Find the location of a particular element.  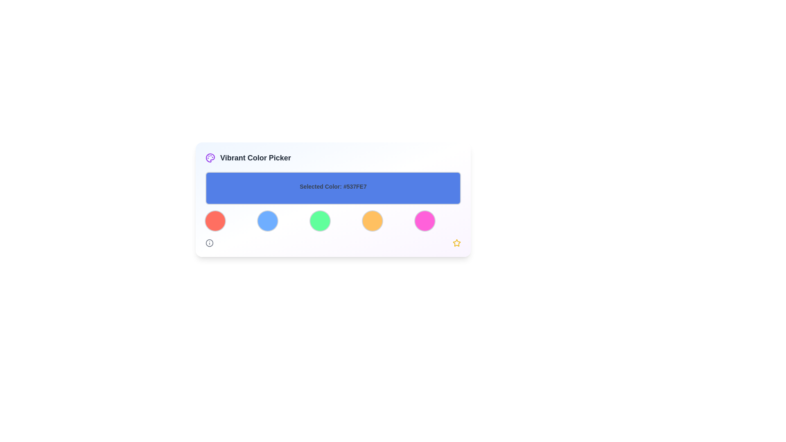

the text label reading 'Vibrant Color Picker', which is styled with a bold font and dark gray color, positioned to the right of a palette icon is located at coordinates (255, 158).